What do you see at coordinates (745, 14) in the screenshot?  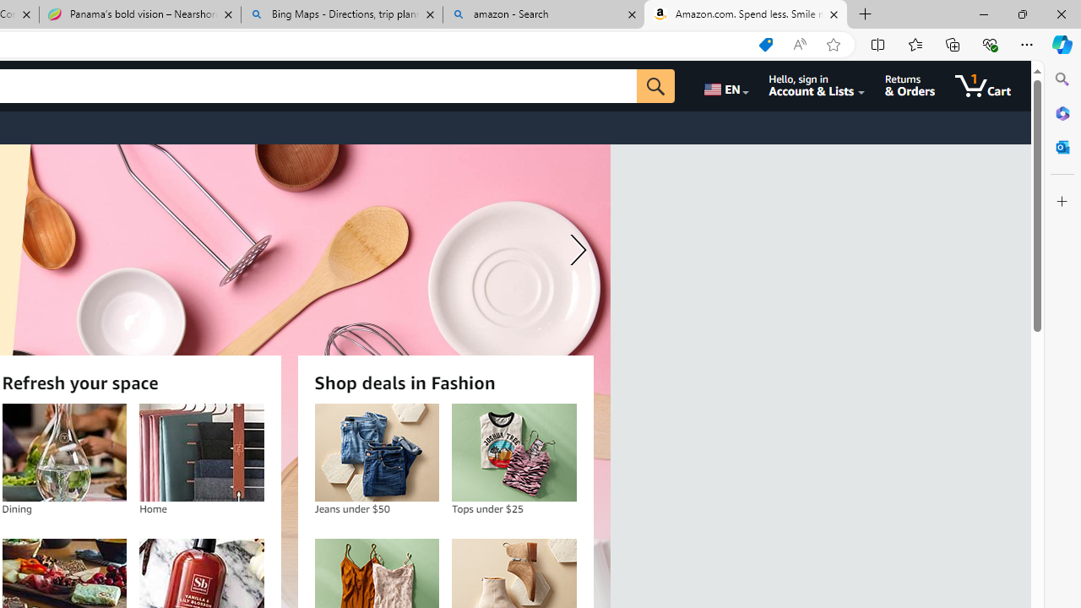 I see `'Amazon.com. Spend less. Smile more.'` at bounding box center [745, 14].